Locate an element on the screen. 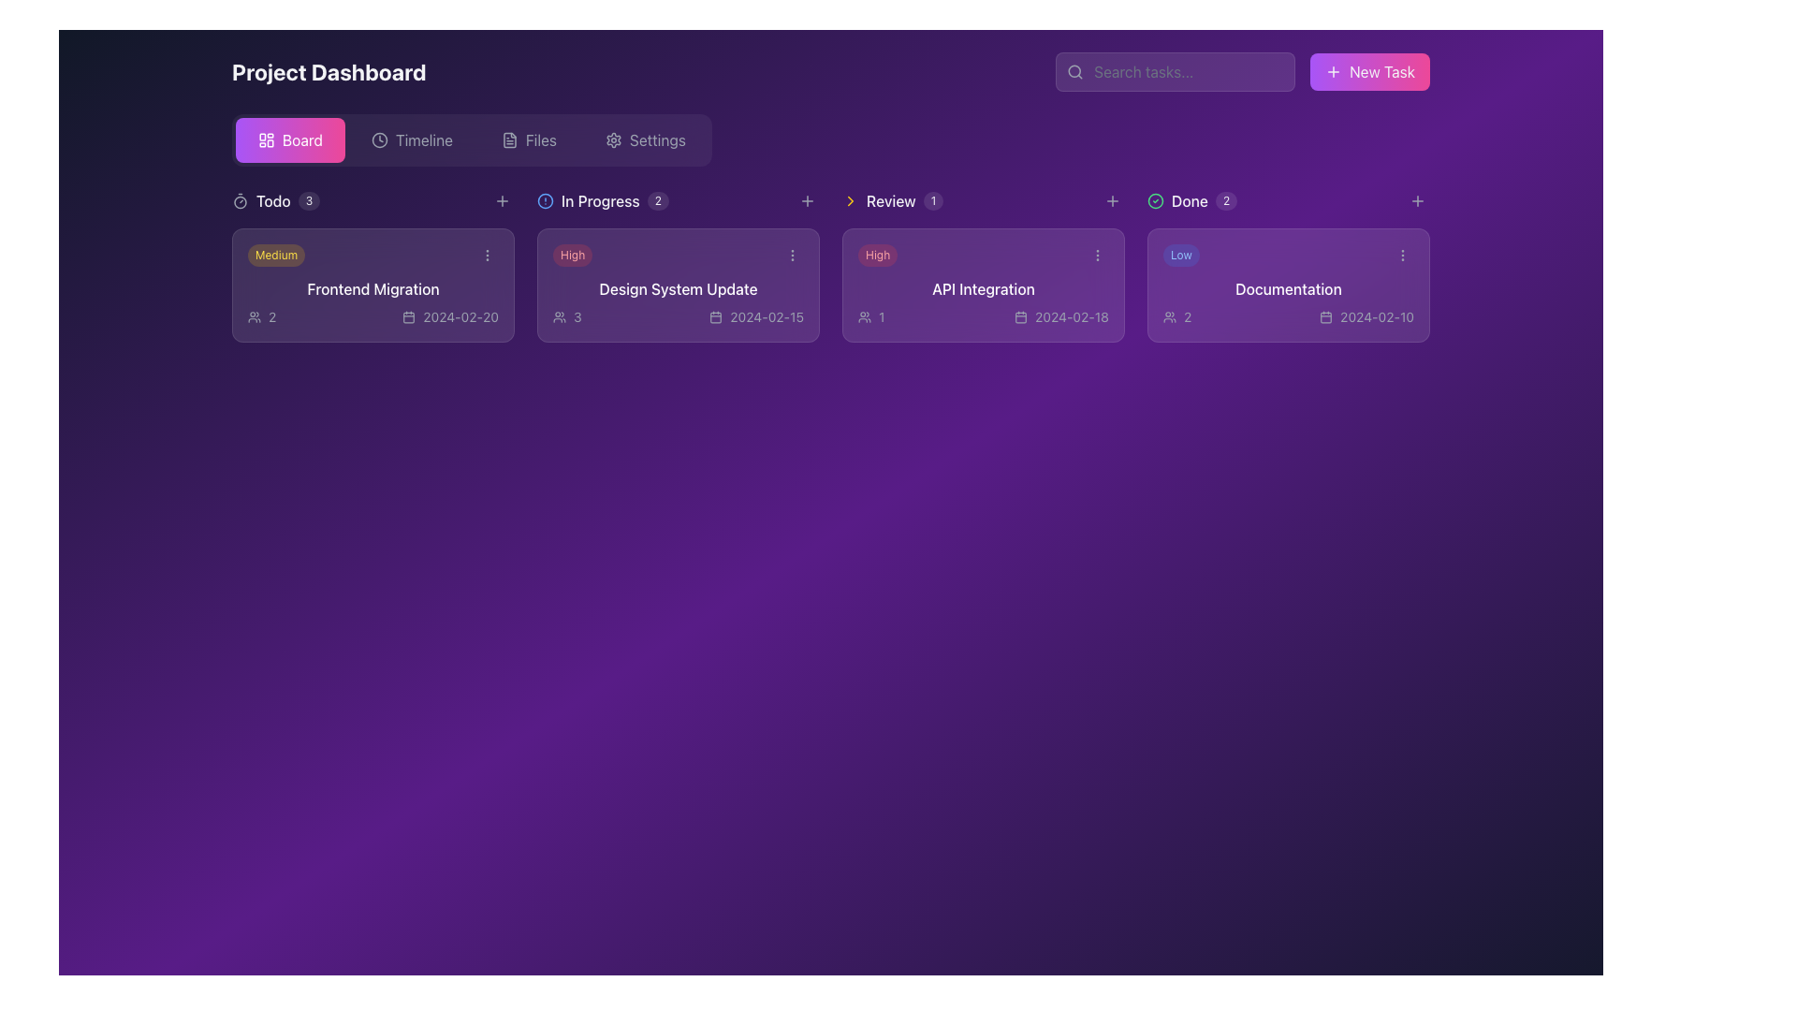 This screenshot has width=1797, height=1011. the number of users represented by the label containing a user icon and the number '2' within the 'Documentation' card in the 'Done' section is located at coordinates (1176, 316).